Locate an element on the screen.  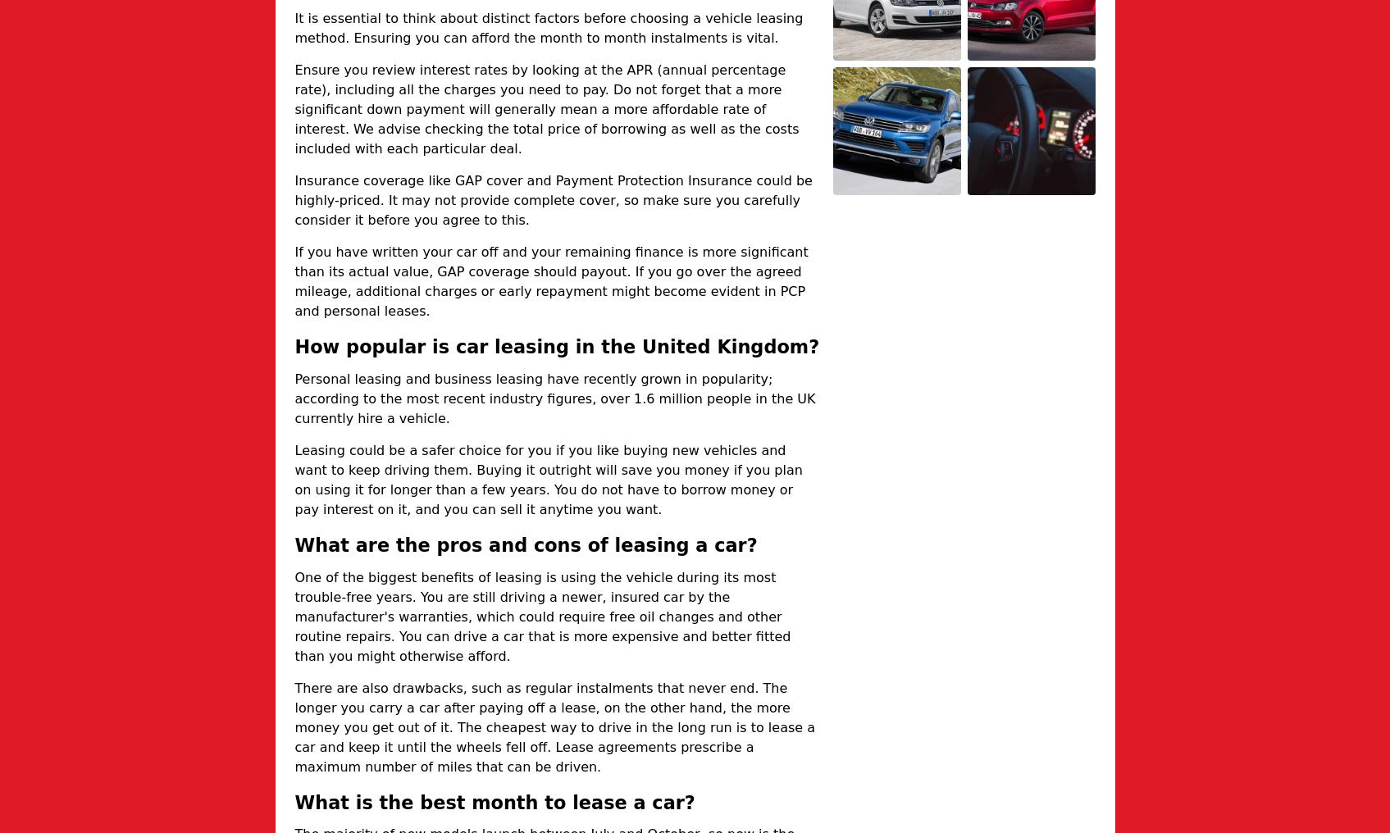
'What is the best month to lease a car?' is located at coordinates (294, 802).